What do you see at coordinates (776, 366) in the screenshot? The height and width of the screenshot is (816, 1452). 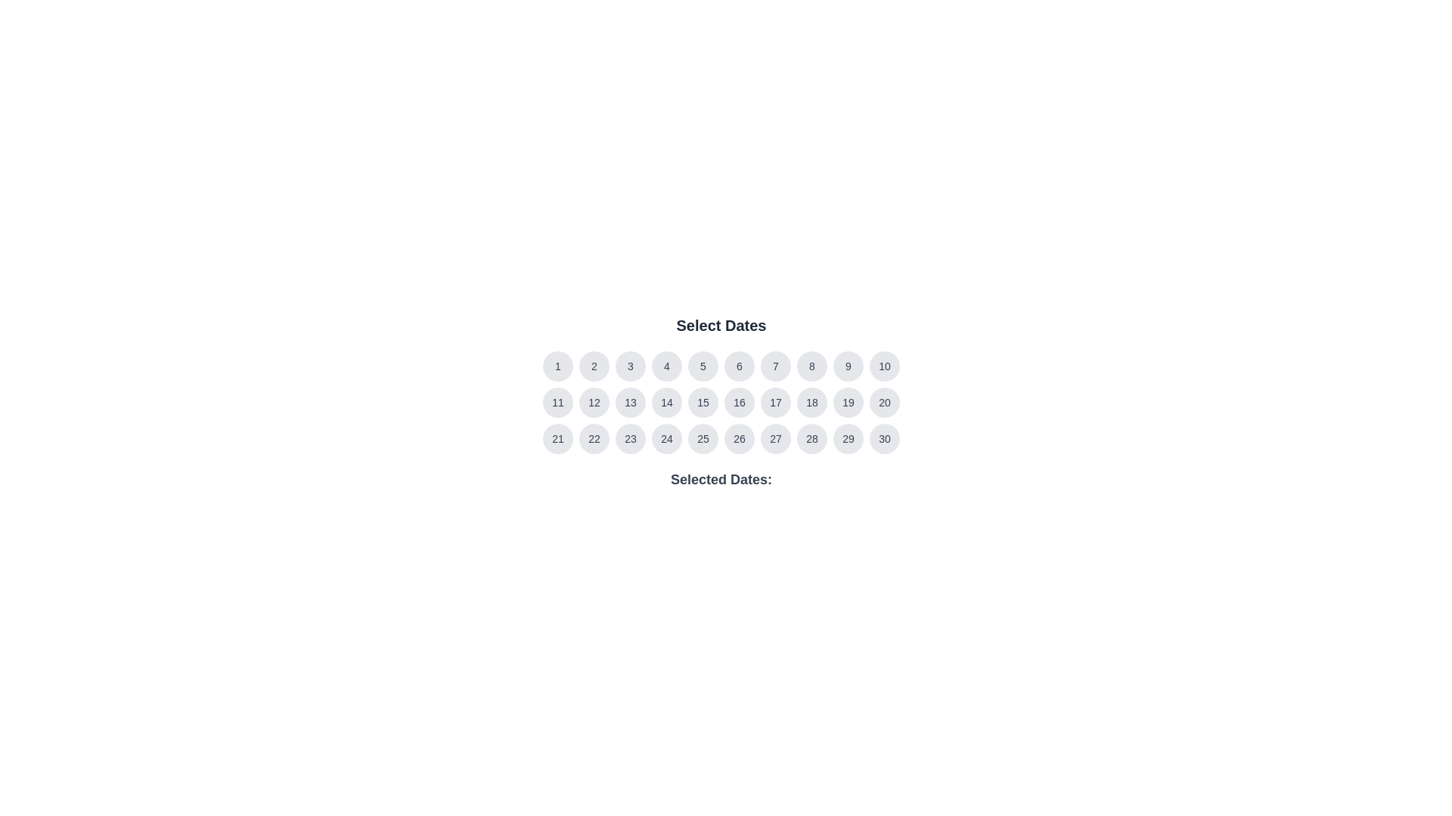 I see `the interactive button for selecting the date represented by the number '7', located in the grid layout between elements '6' and '8'` at bounding box center [776, 366].